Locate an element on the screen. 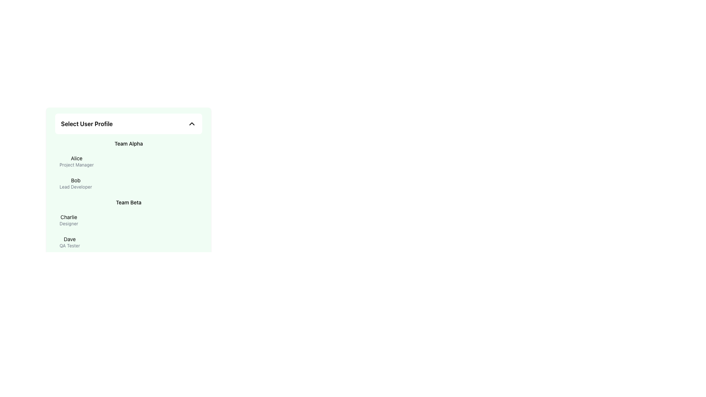 Image resolution: width=706 pixels, height=397 pixels. the combined text label representing the user profile 'Charlie', who is a 'Designer', located in the 'Team Beta' section is located at coordinates (69, 219).